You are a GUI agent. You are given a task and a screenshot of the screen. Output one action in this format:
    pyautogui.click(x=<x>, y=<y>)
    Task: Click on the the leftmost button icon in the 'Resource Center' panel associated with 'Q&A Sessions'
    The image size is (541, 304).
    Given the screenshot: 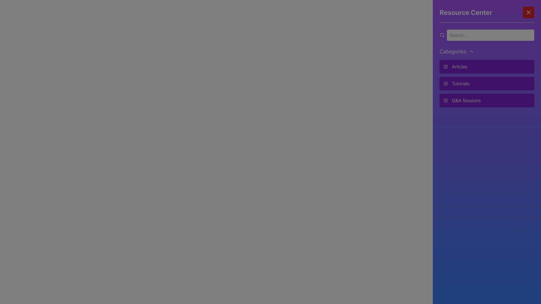 What is the action you would take?
    pyautogui.click(x=445, y=100)
    